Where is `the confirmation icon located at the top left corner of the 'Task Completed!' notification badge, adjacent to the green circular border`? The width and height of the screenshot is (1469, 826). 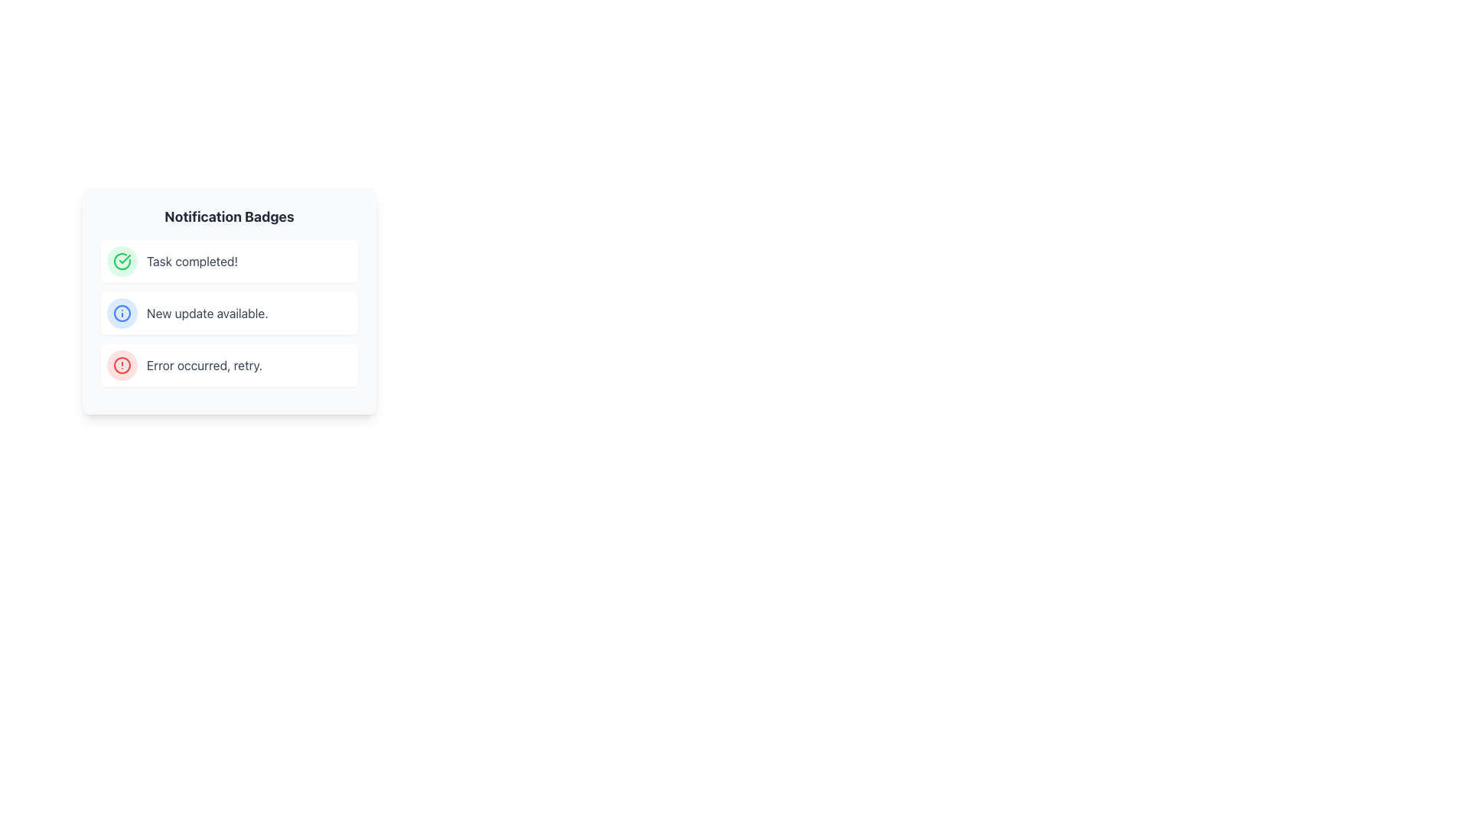 the confirmation icon located at the top left corner of the 'Task Completed!' notification badge, adjacent to the green circular border is located at coordinates (125, 259).